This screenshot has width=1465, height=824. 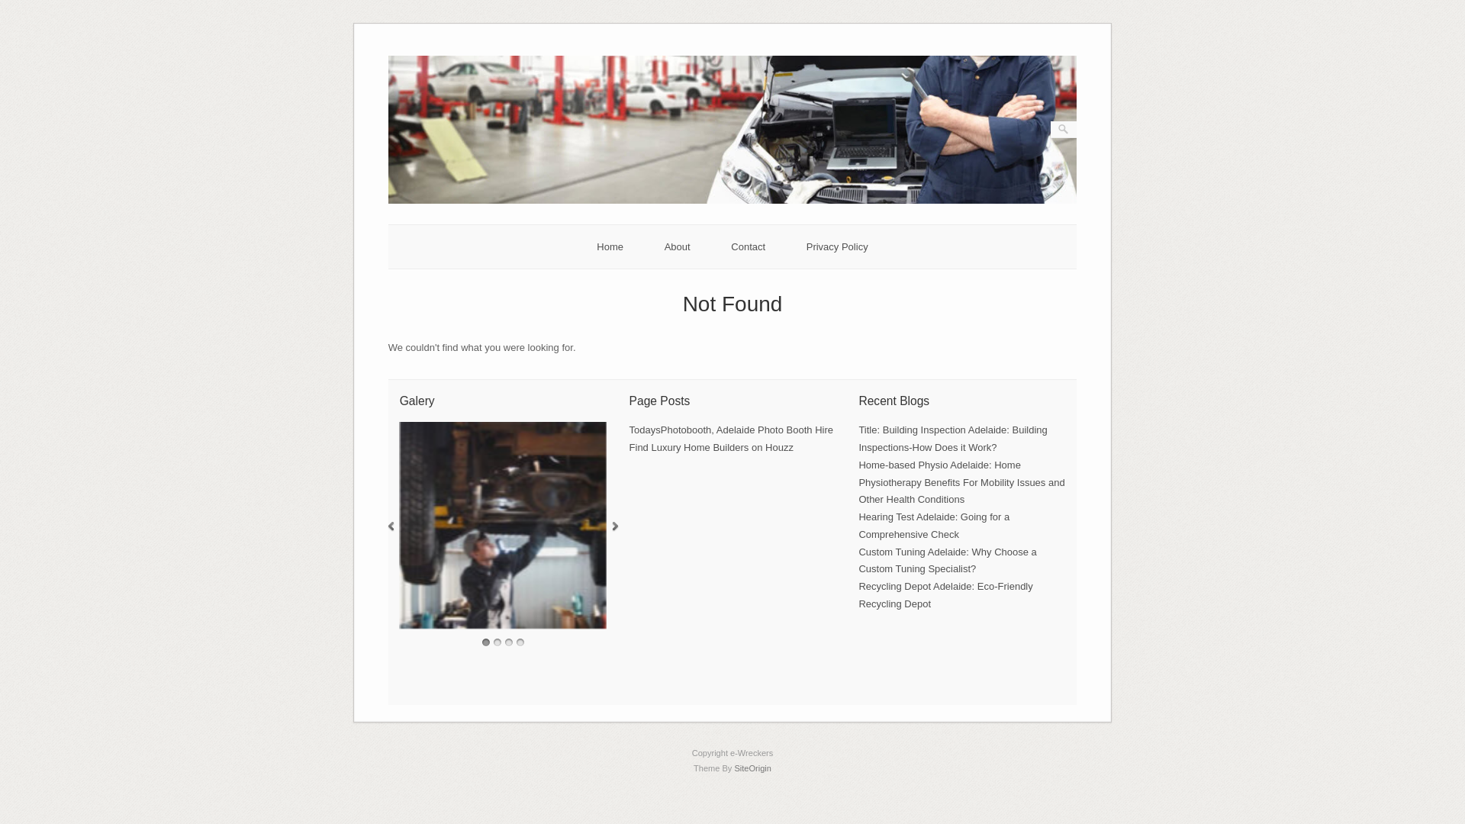 What do you see at coordinates (733, 768) in the screenshot?
I see `'SiteOrigin'` at bounding box center [733, 768].